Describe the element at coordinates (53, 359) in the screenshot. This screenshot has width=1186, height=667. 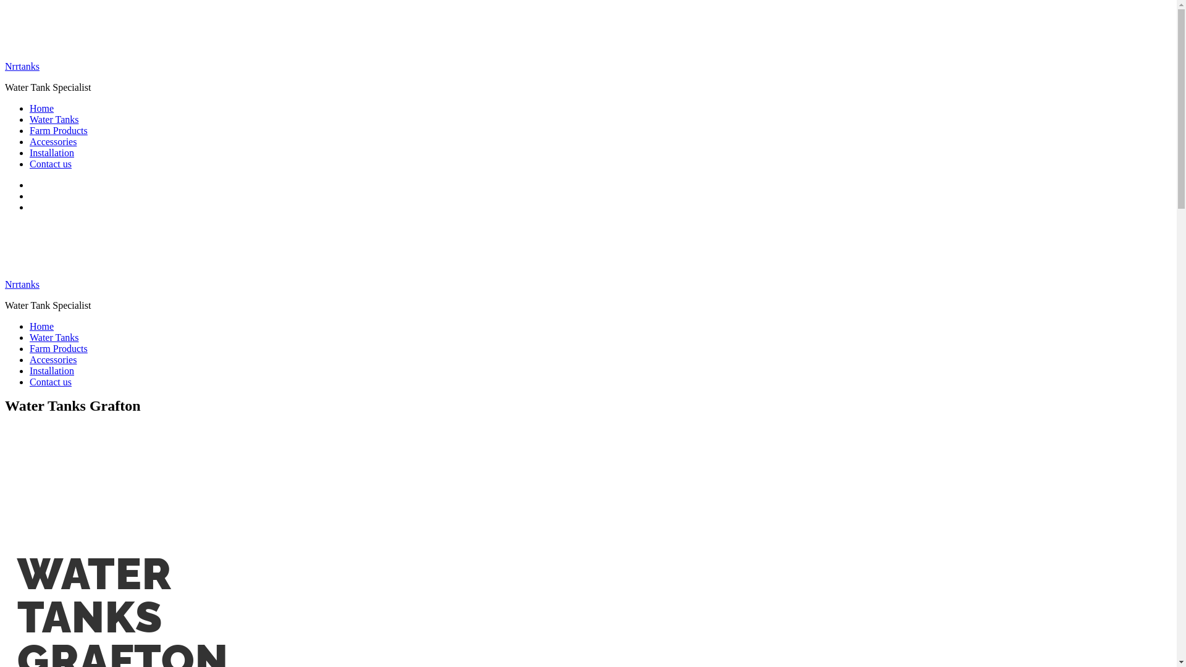
I see `'Accessories'` at that location.